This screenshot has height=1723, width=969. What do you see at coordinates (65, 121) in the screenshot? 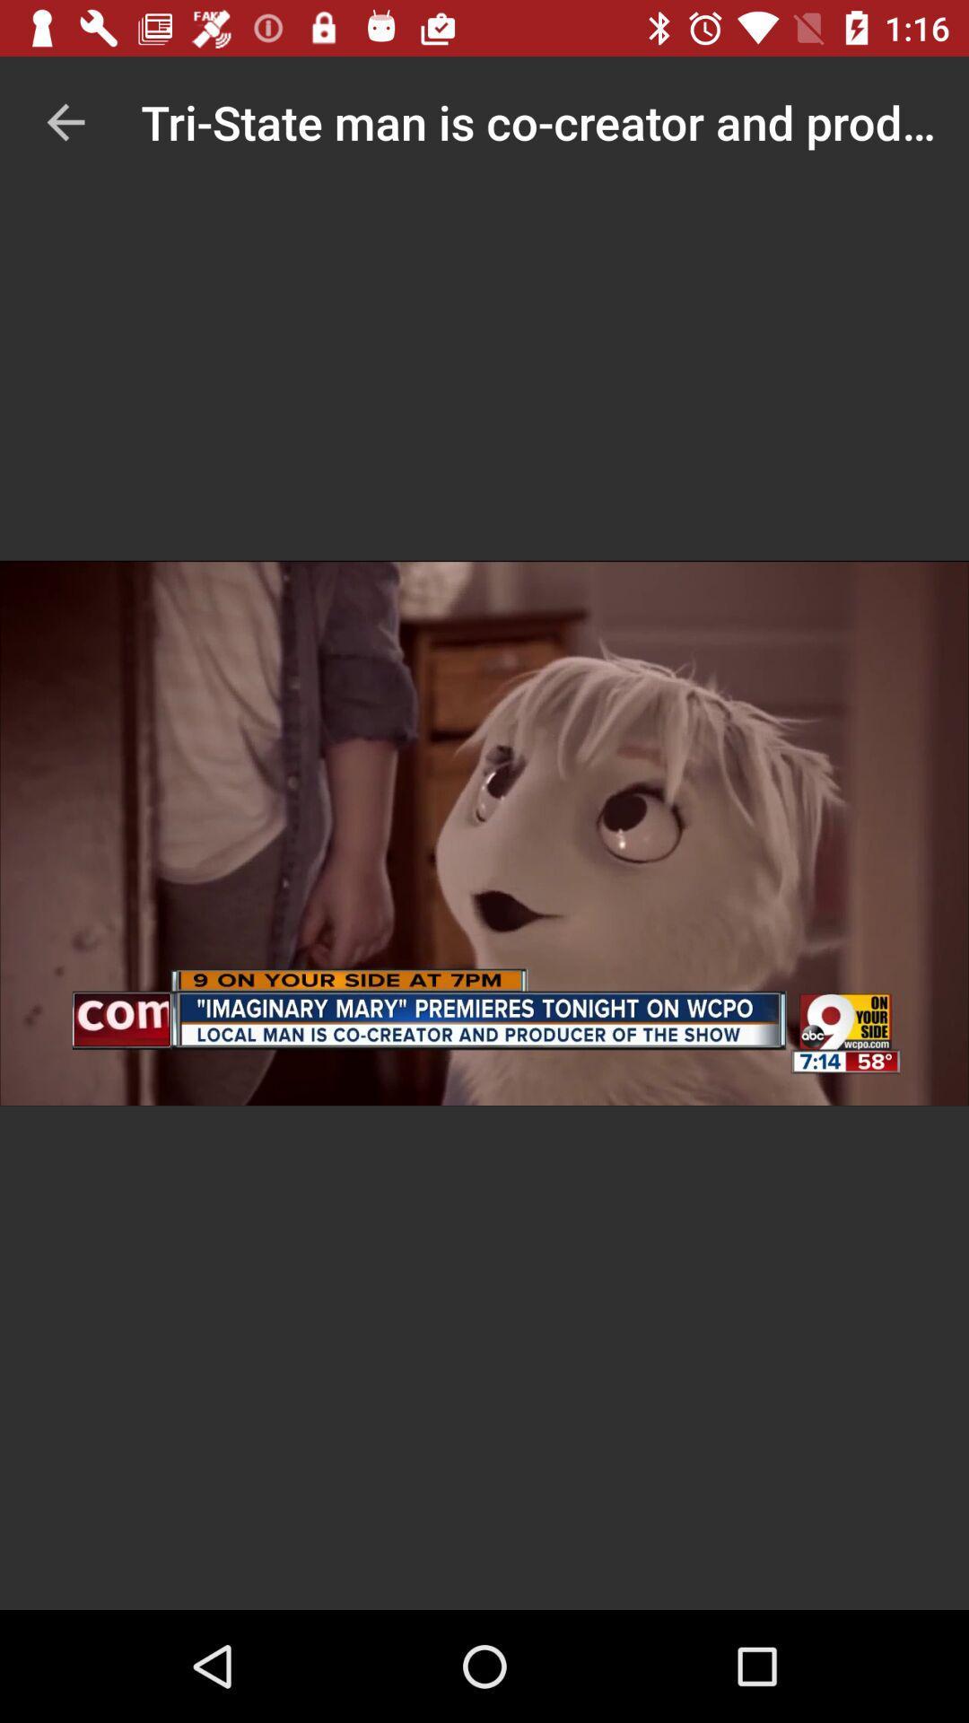
I see `the item next to tri state man icon` at bounding box center [65, 121].